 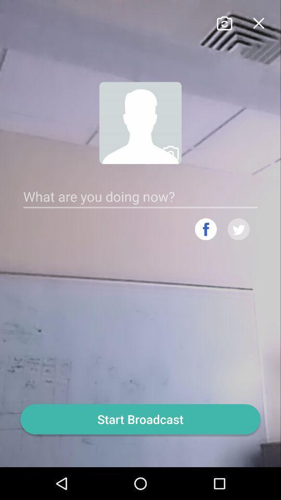 What do you see at coordinates (224, 23) in the screenshot?
I see `the photo icon` at bounding box center [224, 23].